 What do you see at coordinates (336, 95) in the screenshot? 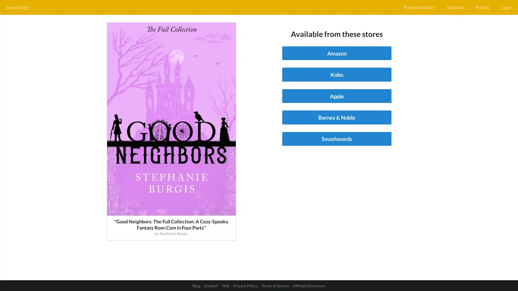
I see `Apple` at bounding box center [336, 95].